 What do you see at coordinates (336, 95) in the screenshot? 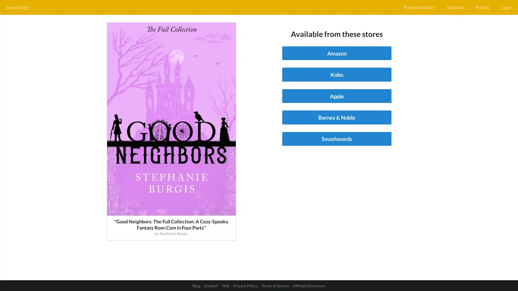
I see `Apple` at bounding box center [336, 95].